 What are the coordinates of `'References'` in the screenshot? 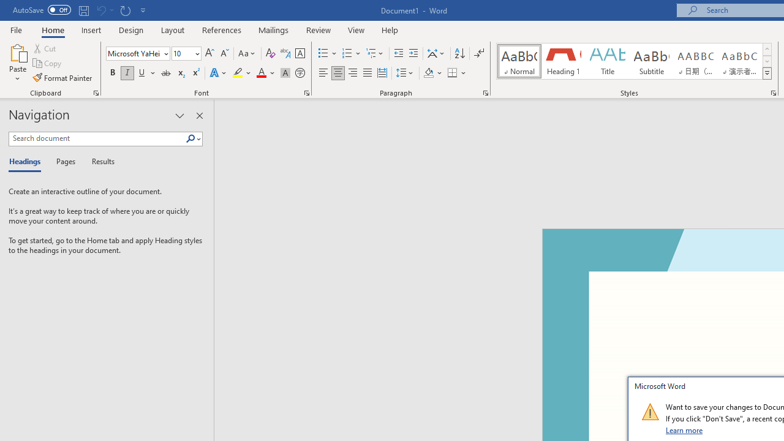 It's located at (222, 29).